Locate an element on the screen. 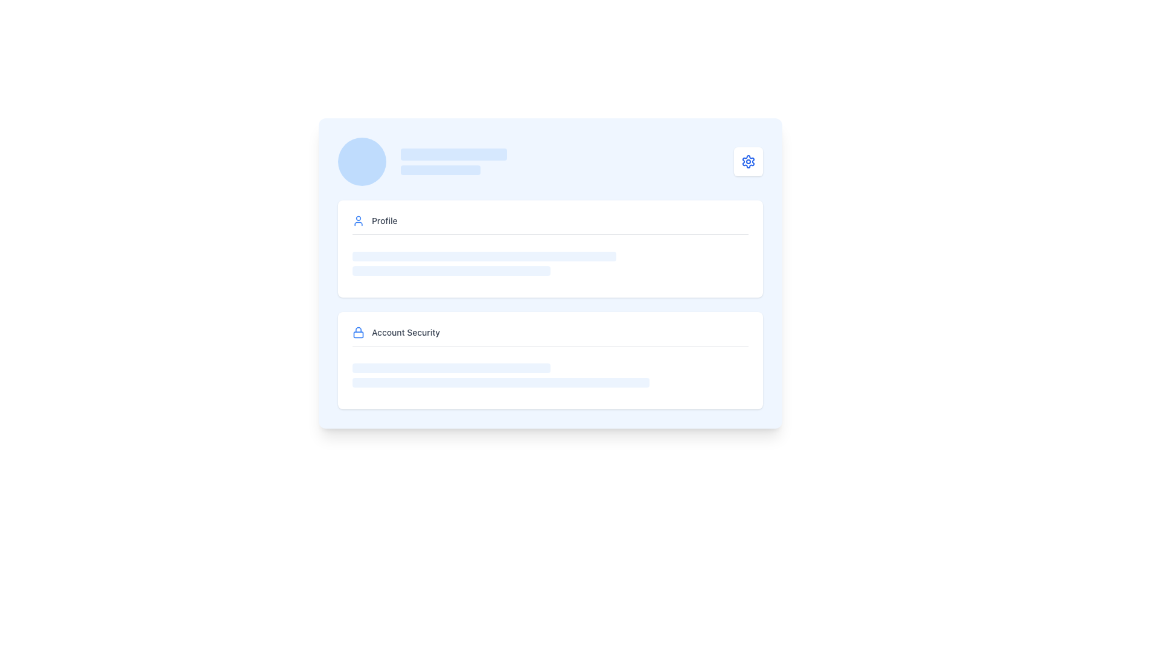 Image resolution: width=1159 pixels, height=652 pixels. the Settings icon, which is represented as a rounded square in the top-right corner of the interface, allowing access to application settings is located at coordinates (747, 161).